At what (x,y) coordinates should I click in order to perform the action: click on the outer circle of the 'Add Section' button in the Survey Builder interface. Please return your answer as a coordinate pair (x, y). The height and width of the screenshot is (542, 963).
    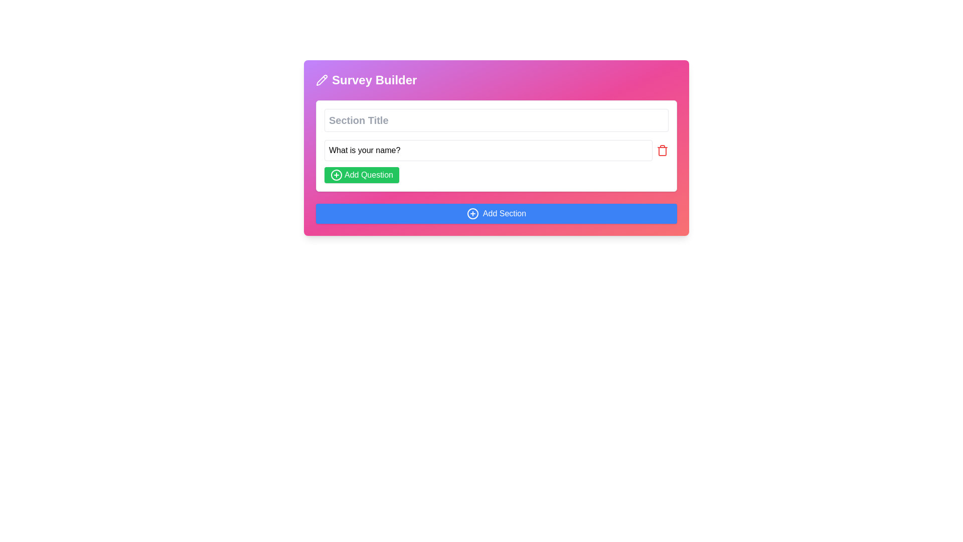
    Looking at the image, I should click on (472, 213).